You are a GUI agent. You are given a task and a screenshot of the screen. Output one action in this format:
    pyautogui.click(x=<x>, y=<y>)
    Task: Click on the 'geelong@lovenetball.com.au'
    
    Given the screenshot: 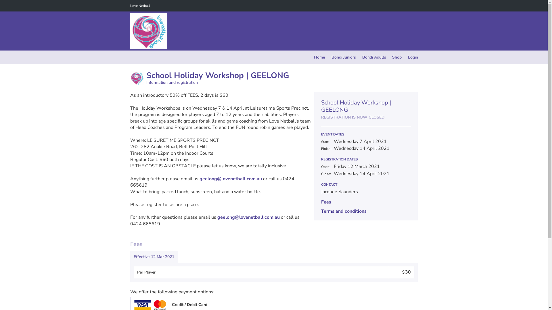 What is the action you would take?
    pyautogui.click(x=248, y=217)
    